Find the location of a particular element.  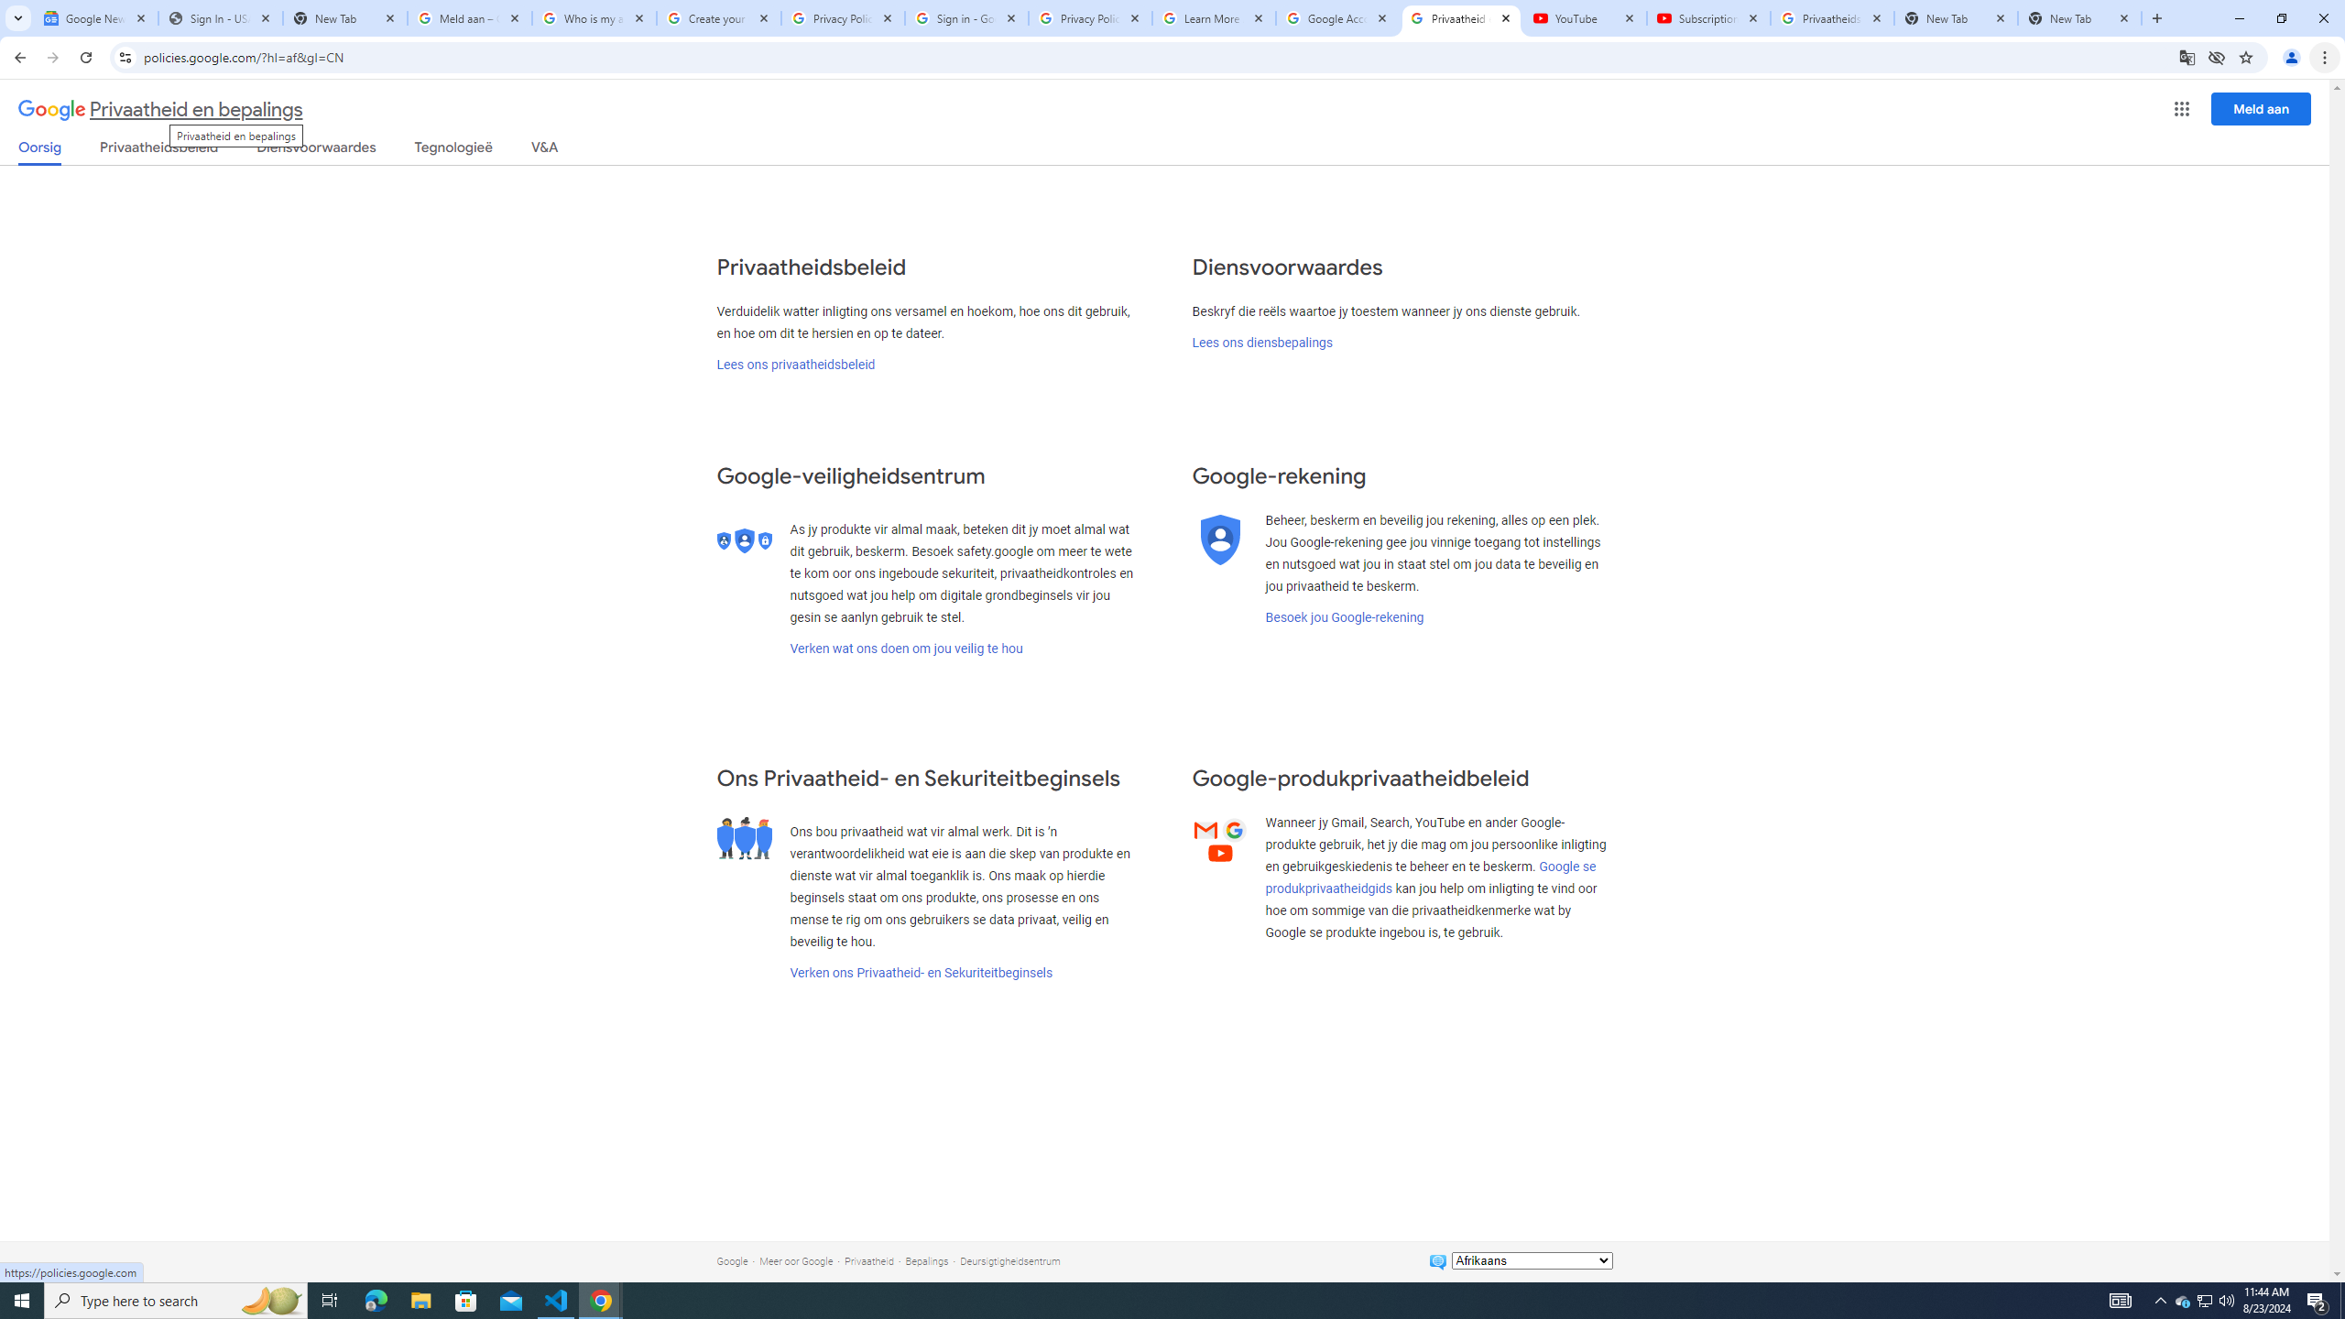

'Google Account' is located at coordinates (1336, 17).